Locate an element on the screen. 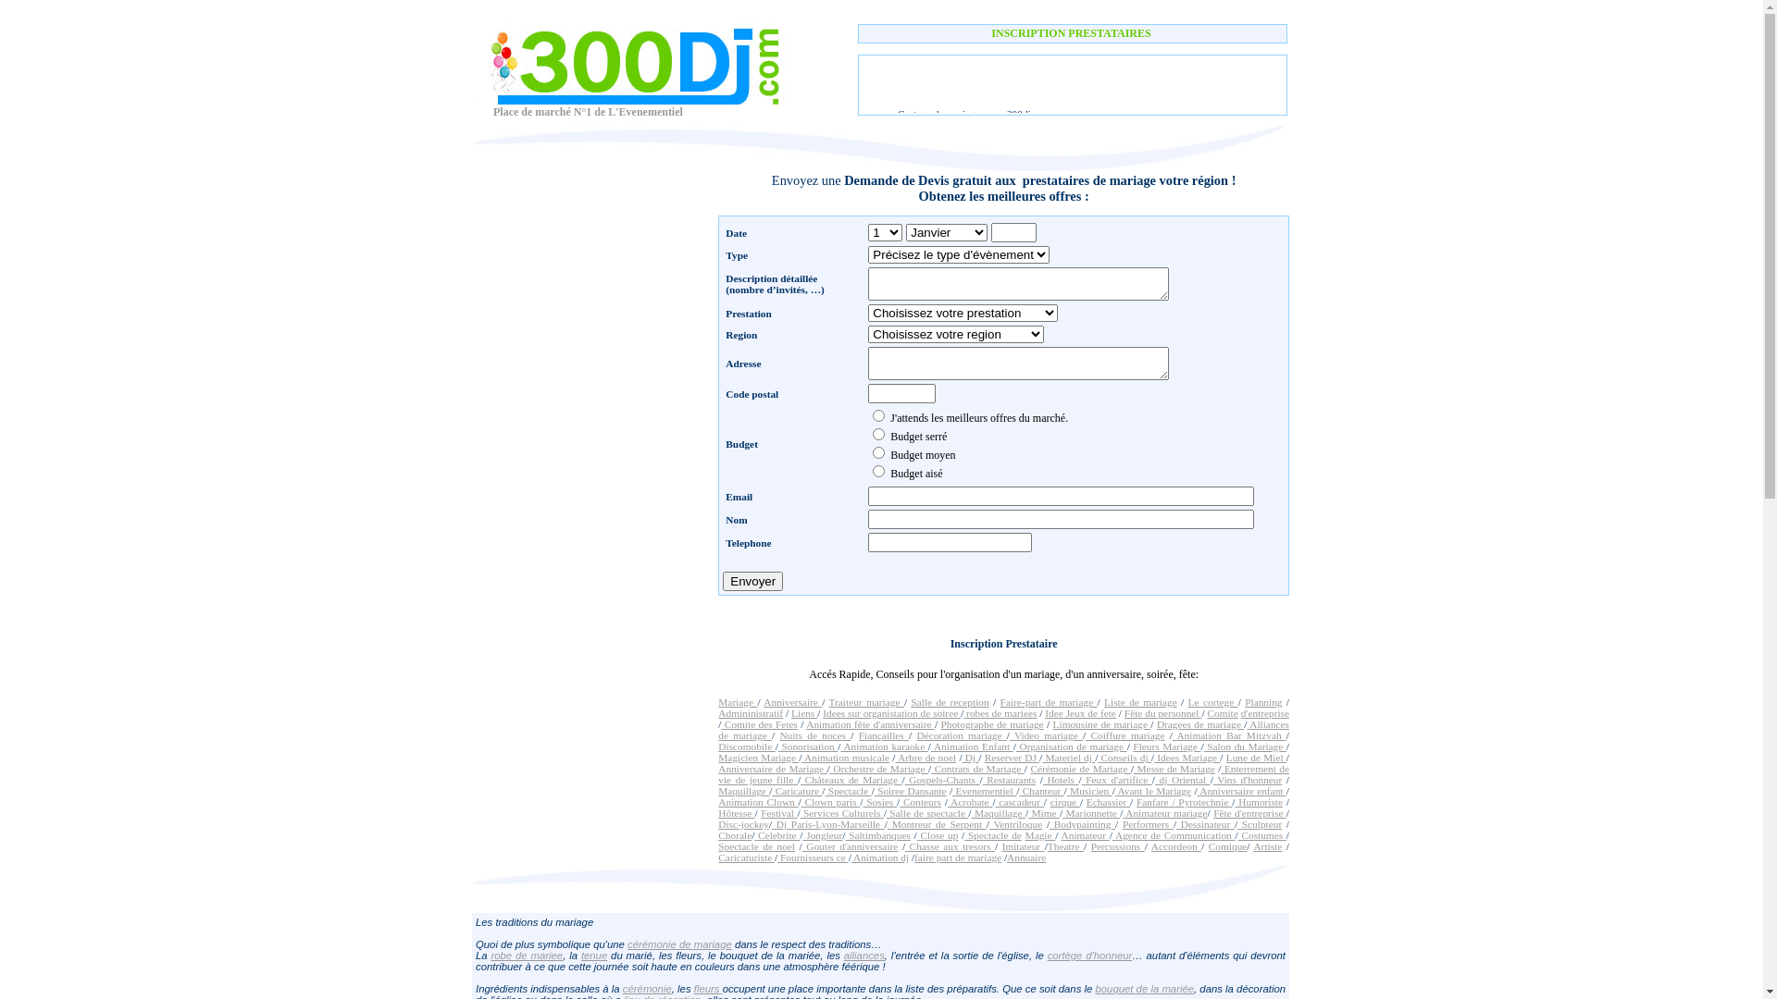  'Idees sur organistation de soiree' is located at coordinates (891, 712).